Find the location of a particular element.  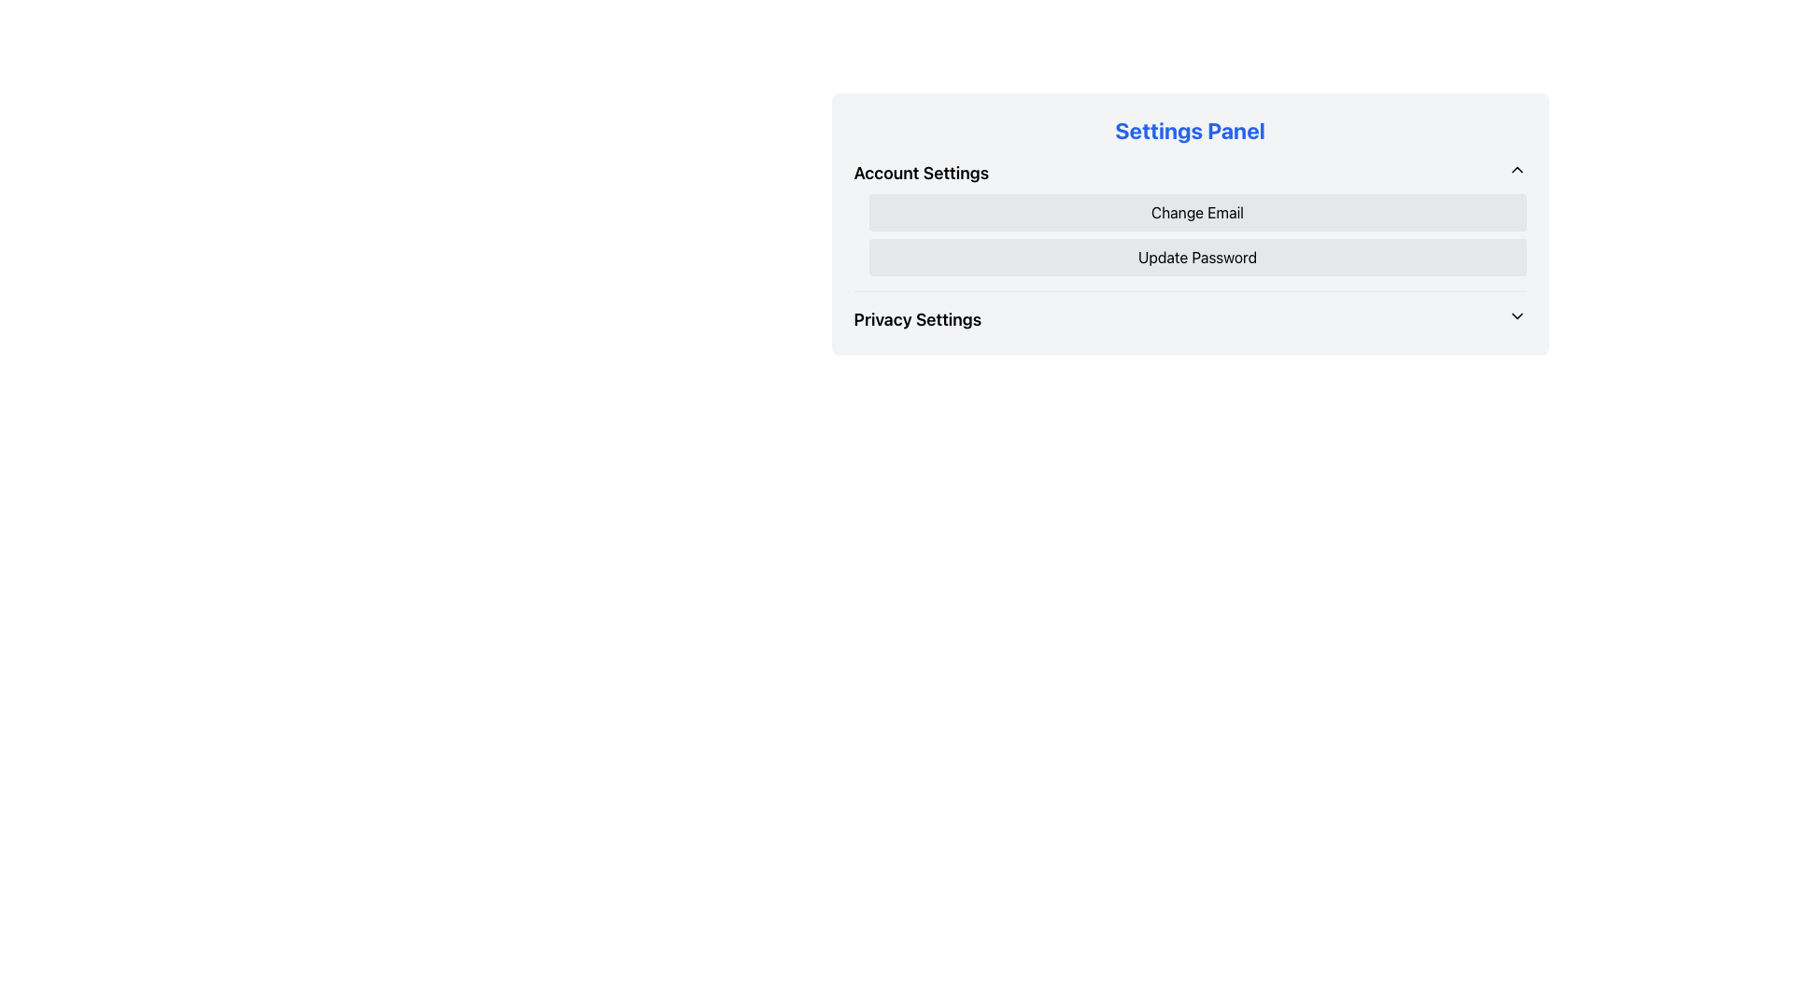

the 'Update Password' button, which is a light gray rectangular button with rounded corners located below the 'Change Email' button in the 'Account Settings' section is located at coordinates (1197, 258).